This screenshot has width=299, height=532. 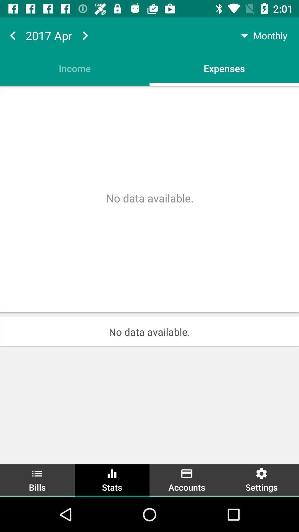 I want to click on click the button to go to the next page, so click(x=85, y=35).